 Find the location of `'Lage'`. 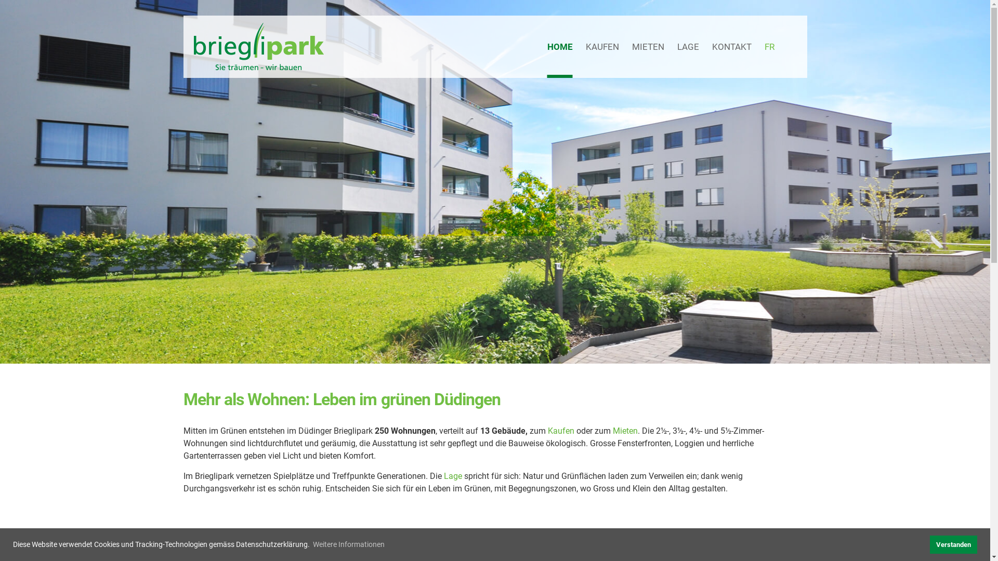

'Lage' is located at coordinates (453, 476).